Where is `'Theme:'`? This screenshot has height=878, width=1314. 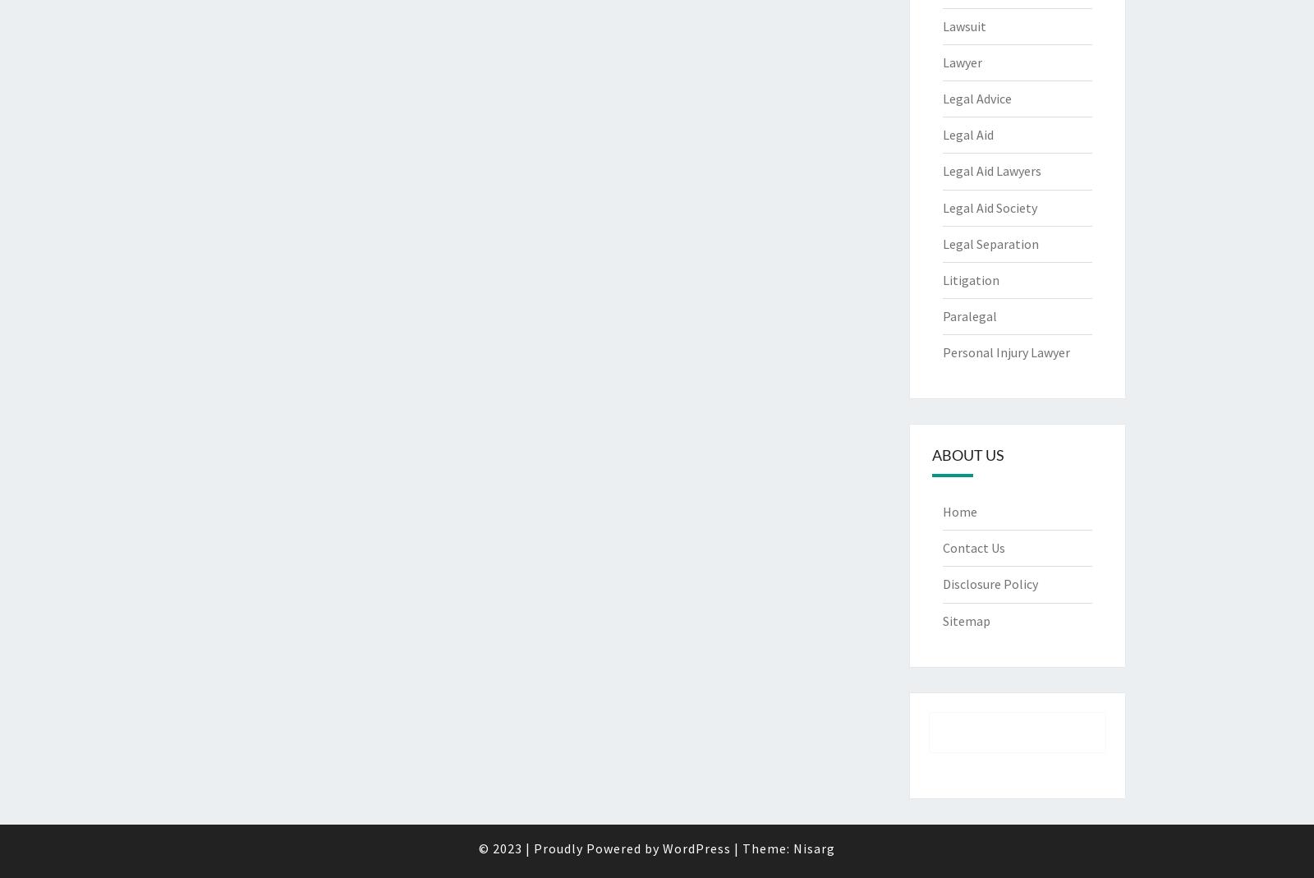
'Theme:' is located at coordinates (767, 848).